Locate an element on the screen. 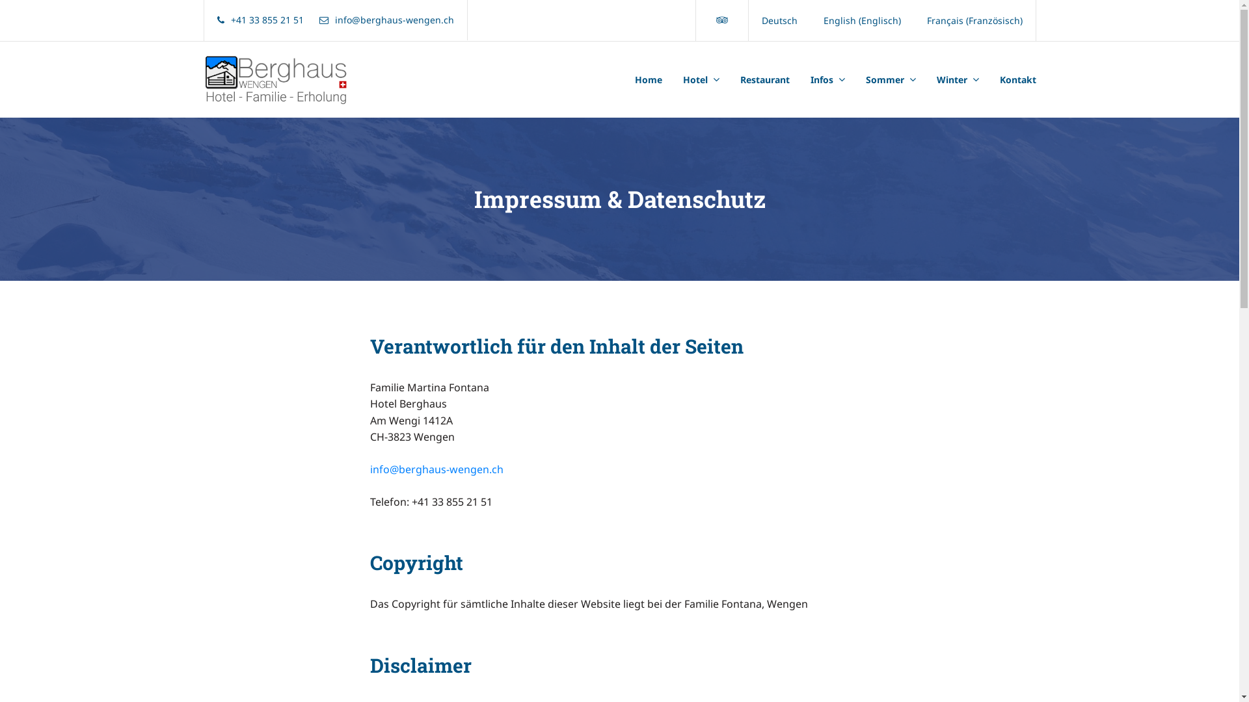 The width and height of the screenshot is (1249, 702). 'Sommer' is located at coordinates (889, 80).